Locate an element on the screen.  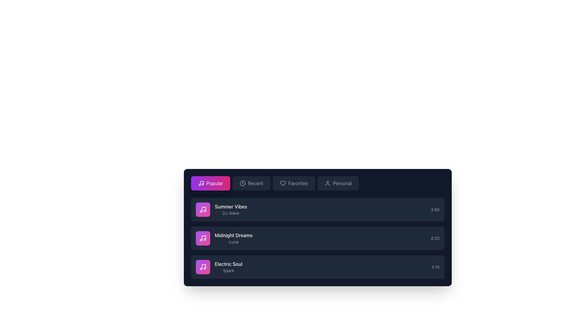
the 'DJ Wave' text label which is styled with a small gray font and located below the 'Summer Vibes' text in the 'Popular' section of the music playlist is located at coordinates (230, 213).